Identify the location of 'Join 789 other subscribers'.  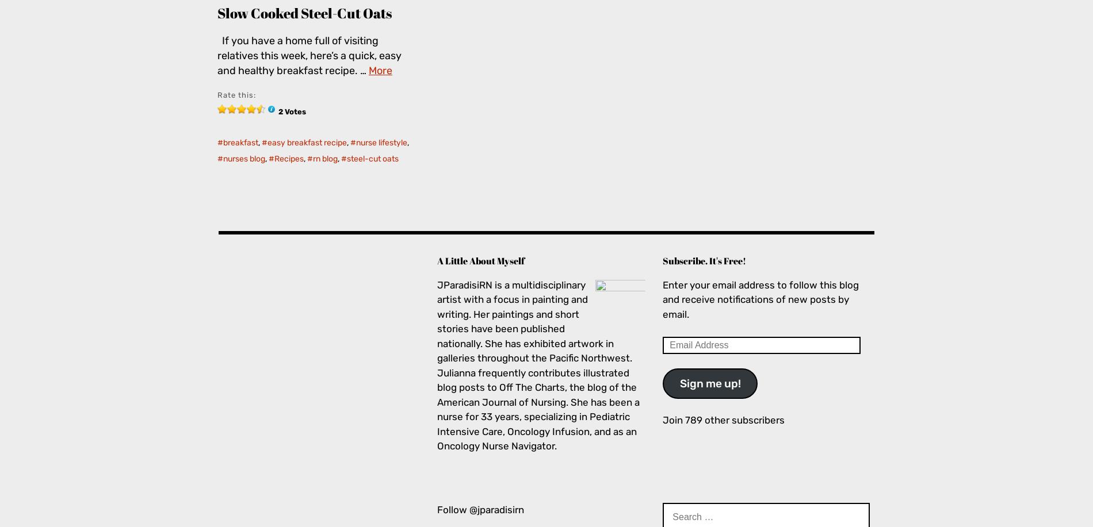
(662, 420).